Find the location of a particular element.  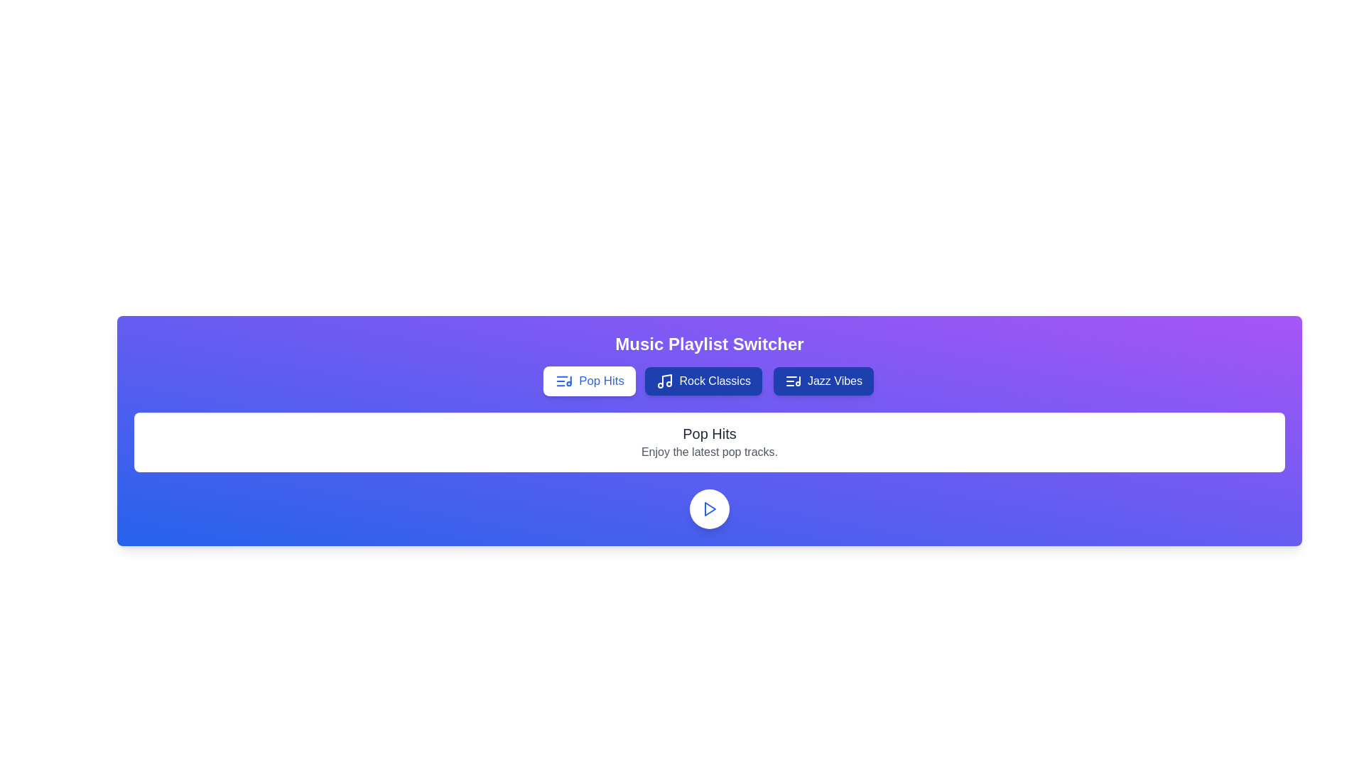

the 'Jazz Vibes' button located below the 'Music Playlist Switcher' heading is located at coordinates (823, 380).